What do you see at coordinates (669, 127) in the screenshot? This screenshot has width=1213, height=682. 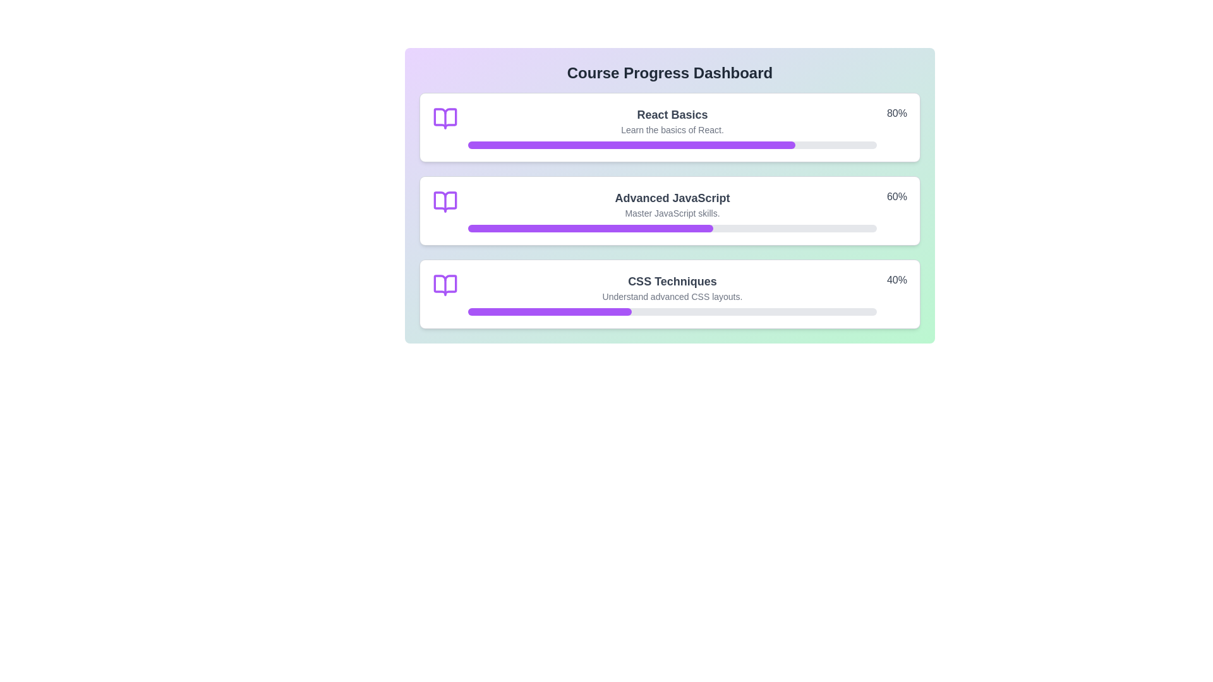 I see `the 'React Basics' informational card located at the top of the course progress cards list` at bounding box center [669, 127].